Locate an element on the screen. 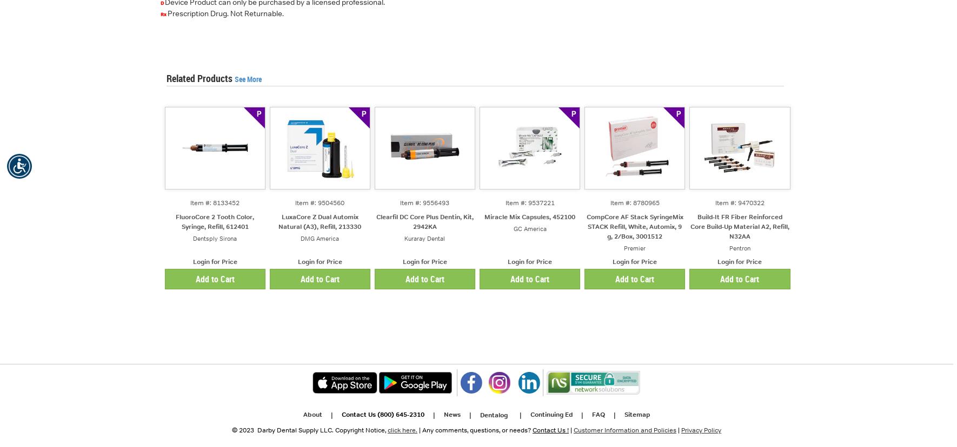 The width and height of the screenshot is (957, 447). 'Sitemap' is located at coordinates (637, 414).